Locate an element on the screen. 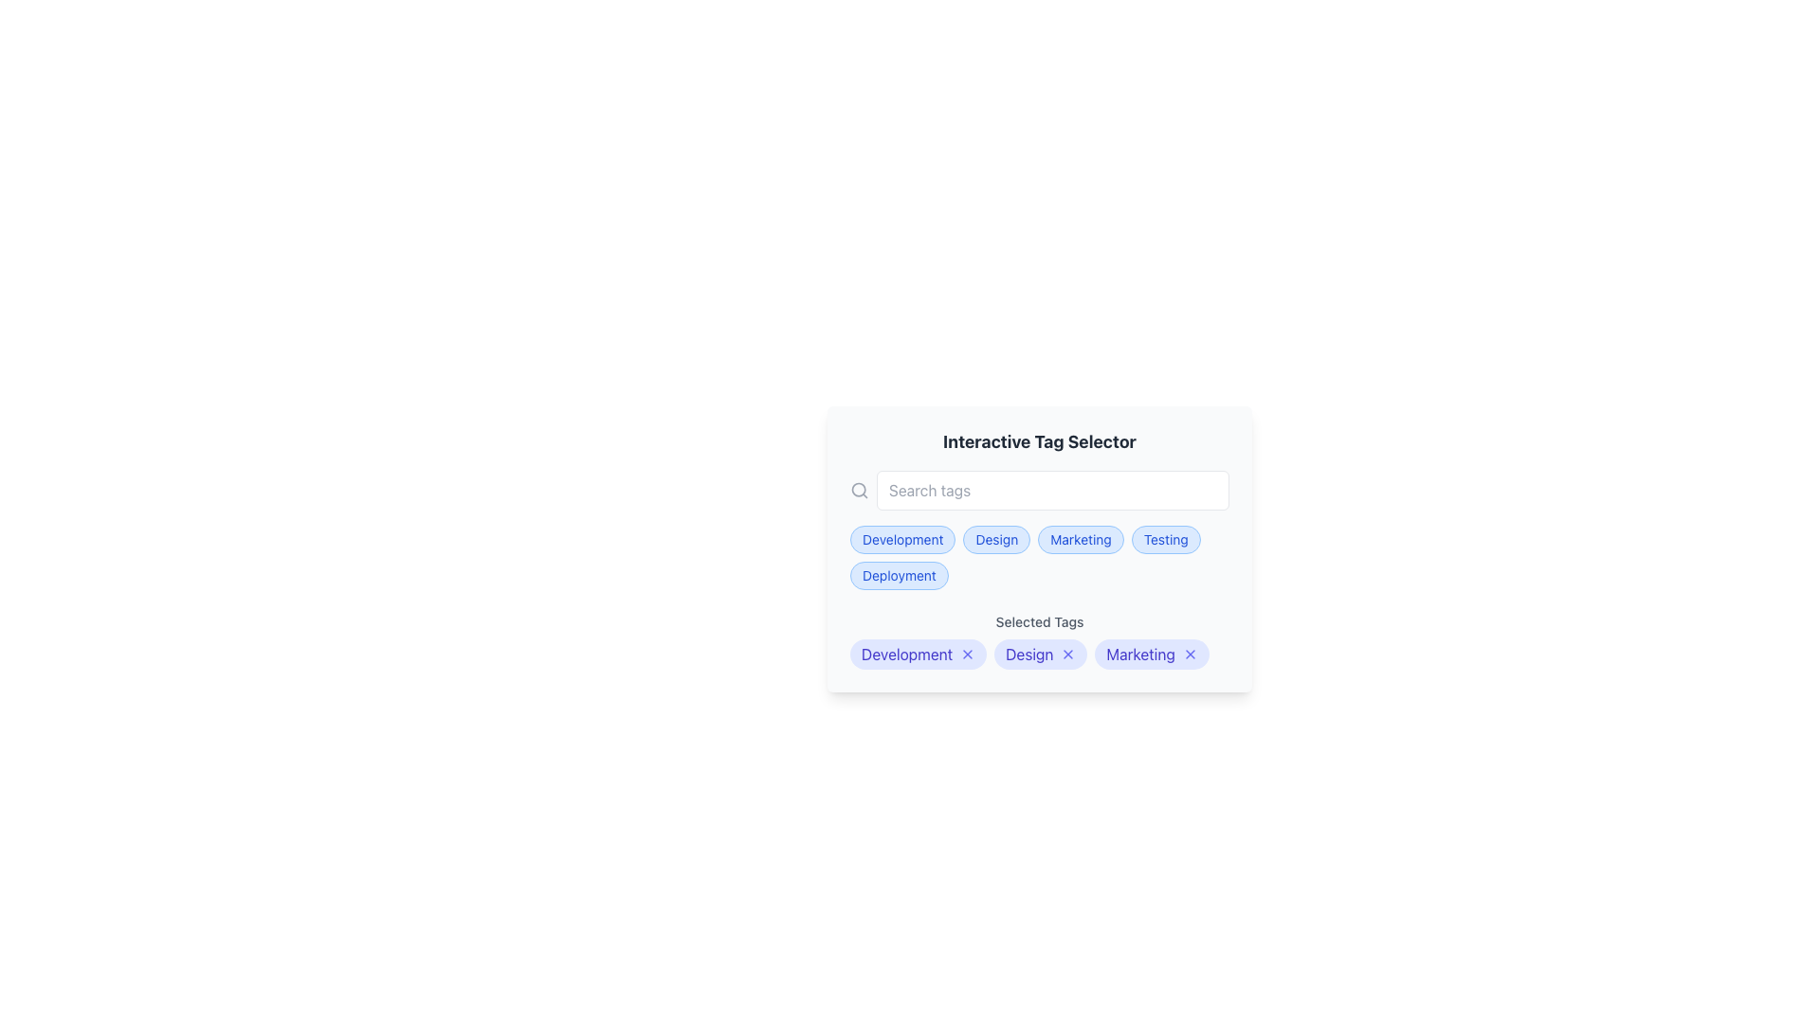 The height and width of the screenshot is (1023, 1820). the text label displaying 'Design' in bold indigo font, which is part of a rounded rectangular button in the 'Selected Tags' section is located at coordinates (1028, 653).